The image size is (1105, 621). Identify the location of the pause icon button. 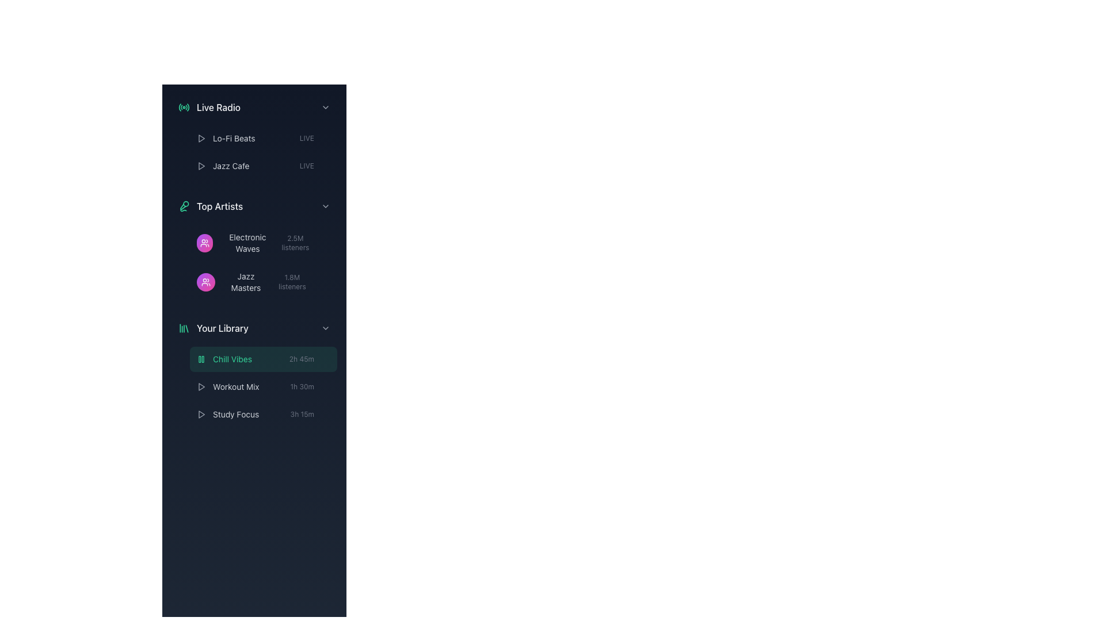
(201, 358).